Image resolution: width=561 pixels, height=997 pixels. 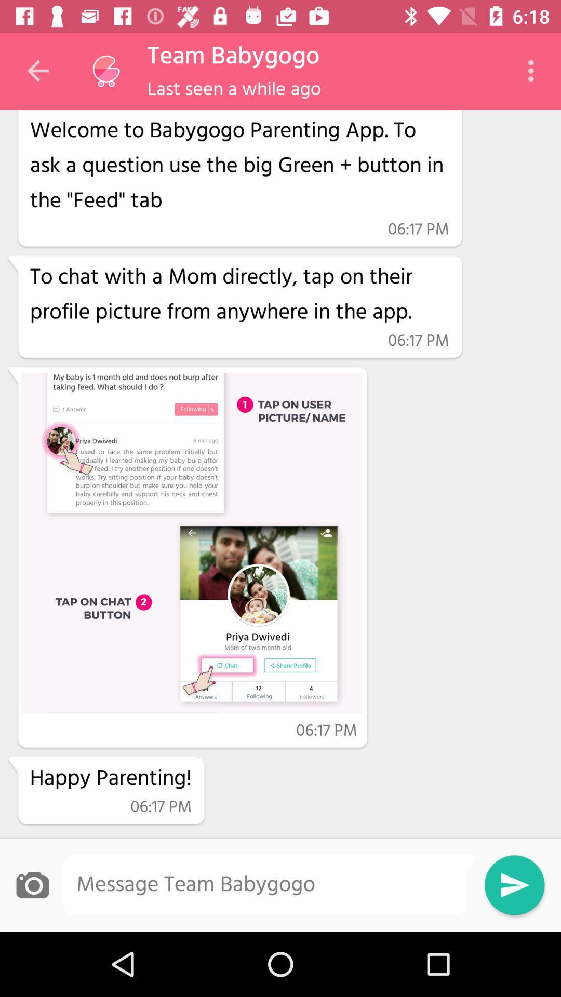 I want to click on the item above the 06:17 pm icon, so click(x=239, y=163).